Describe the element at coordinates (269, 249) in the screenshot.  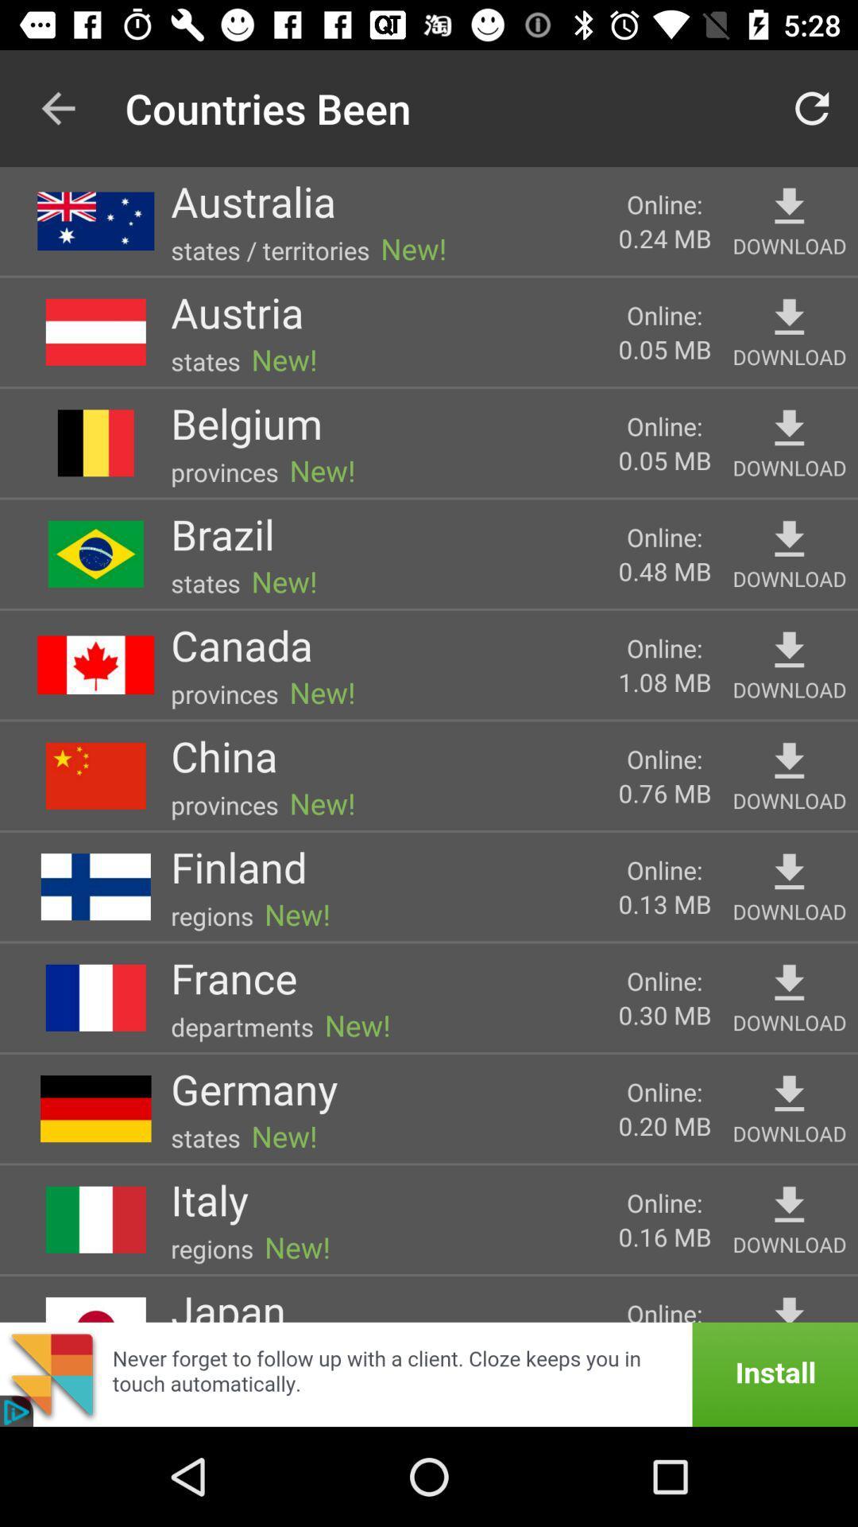
I see `states / territories icon` at that location.